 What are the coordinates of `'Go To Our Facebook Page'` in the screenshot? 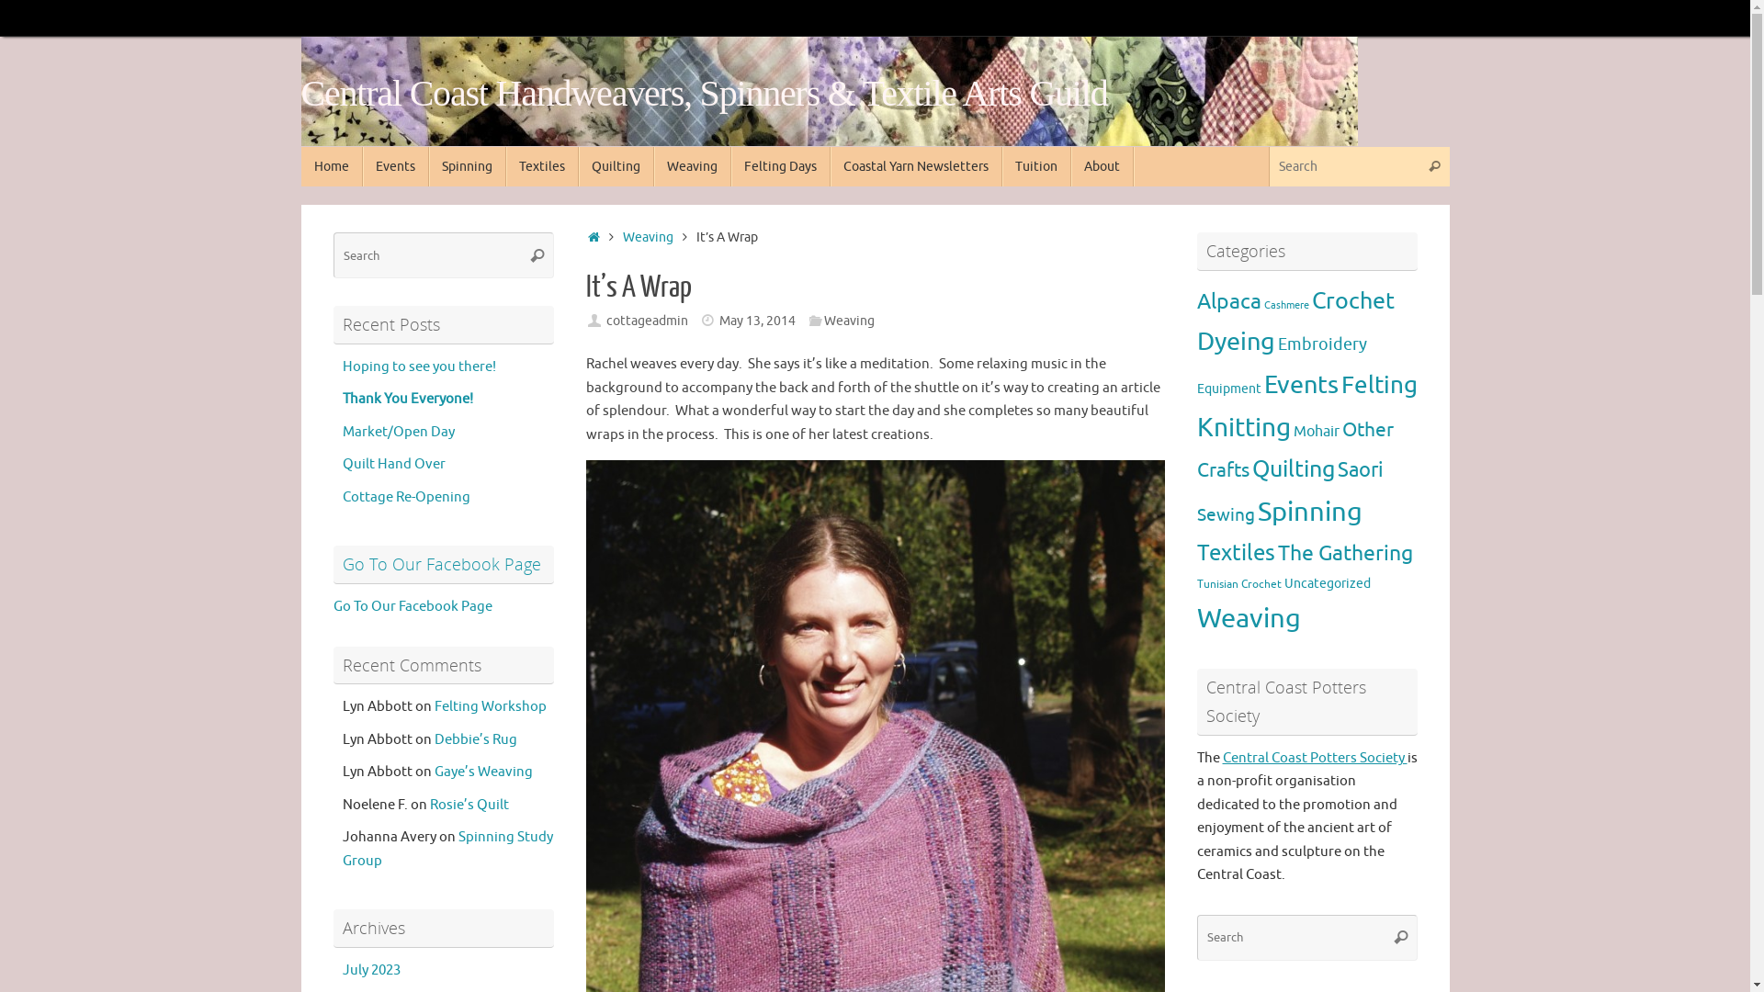 It's located at (411, 606).